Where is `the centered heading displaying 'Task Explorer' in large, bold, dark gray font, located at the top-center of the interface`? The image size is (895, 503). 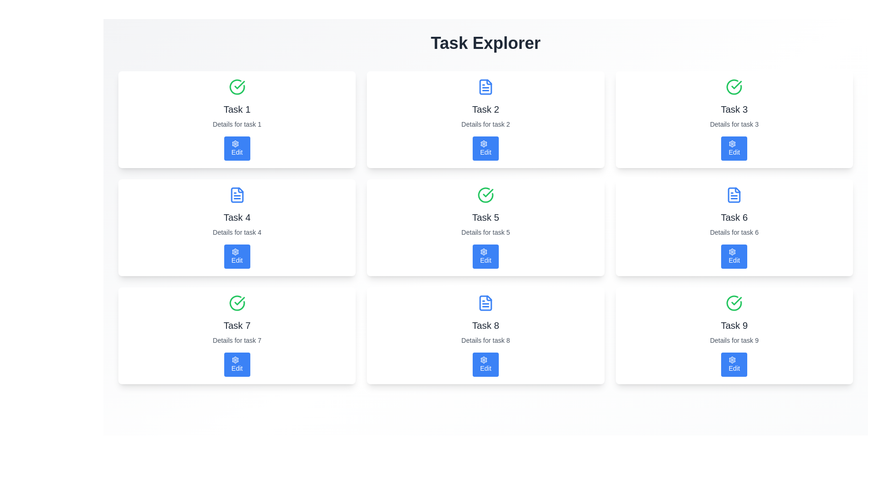 the centered heading displaying 'Task Explorer' in large, bold, dark gray font, located at the top-center of the interface is located at coordinates (485, 43).